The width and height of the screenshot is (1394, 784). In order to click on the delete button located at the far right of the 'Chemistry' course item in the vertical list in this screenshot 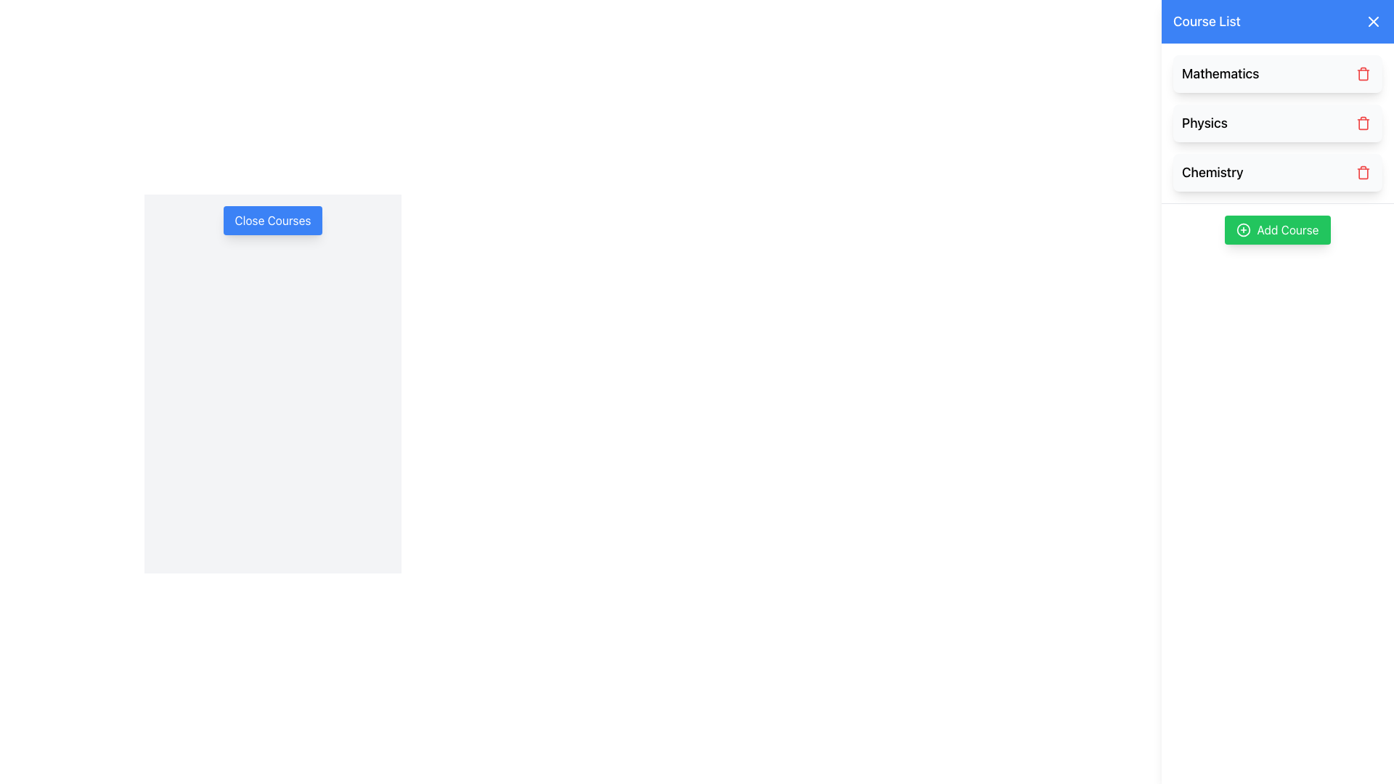, I will do `click(1362, 172)`.